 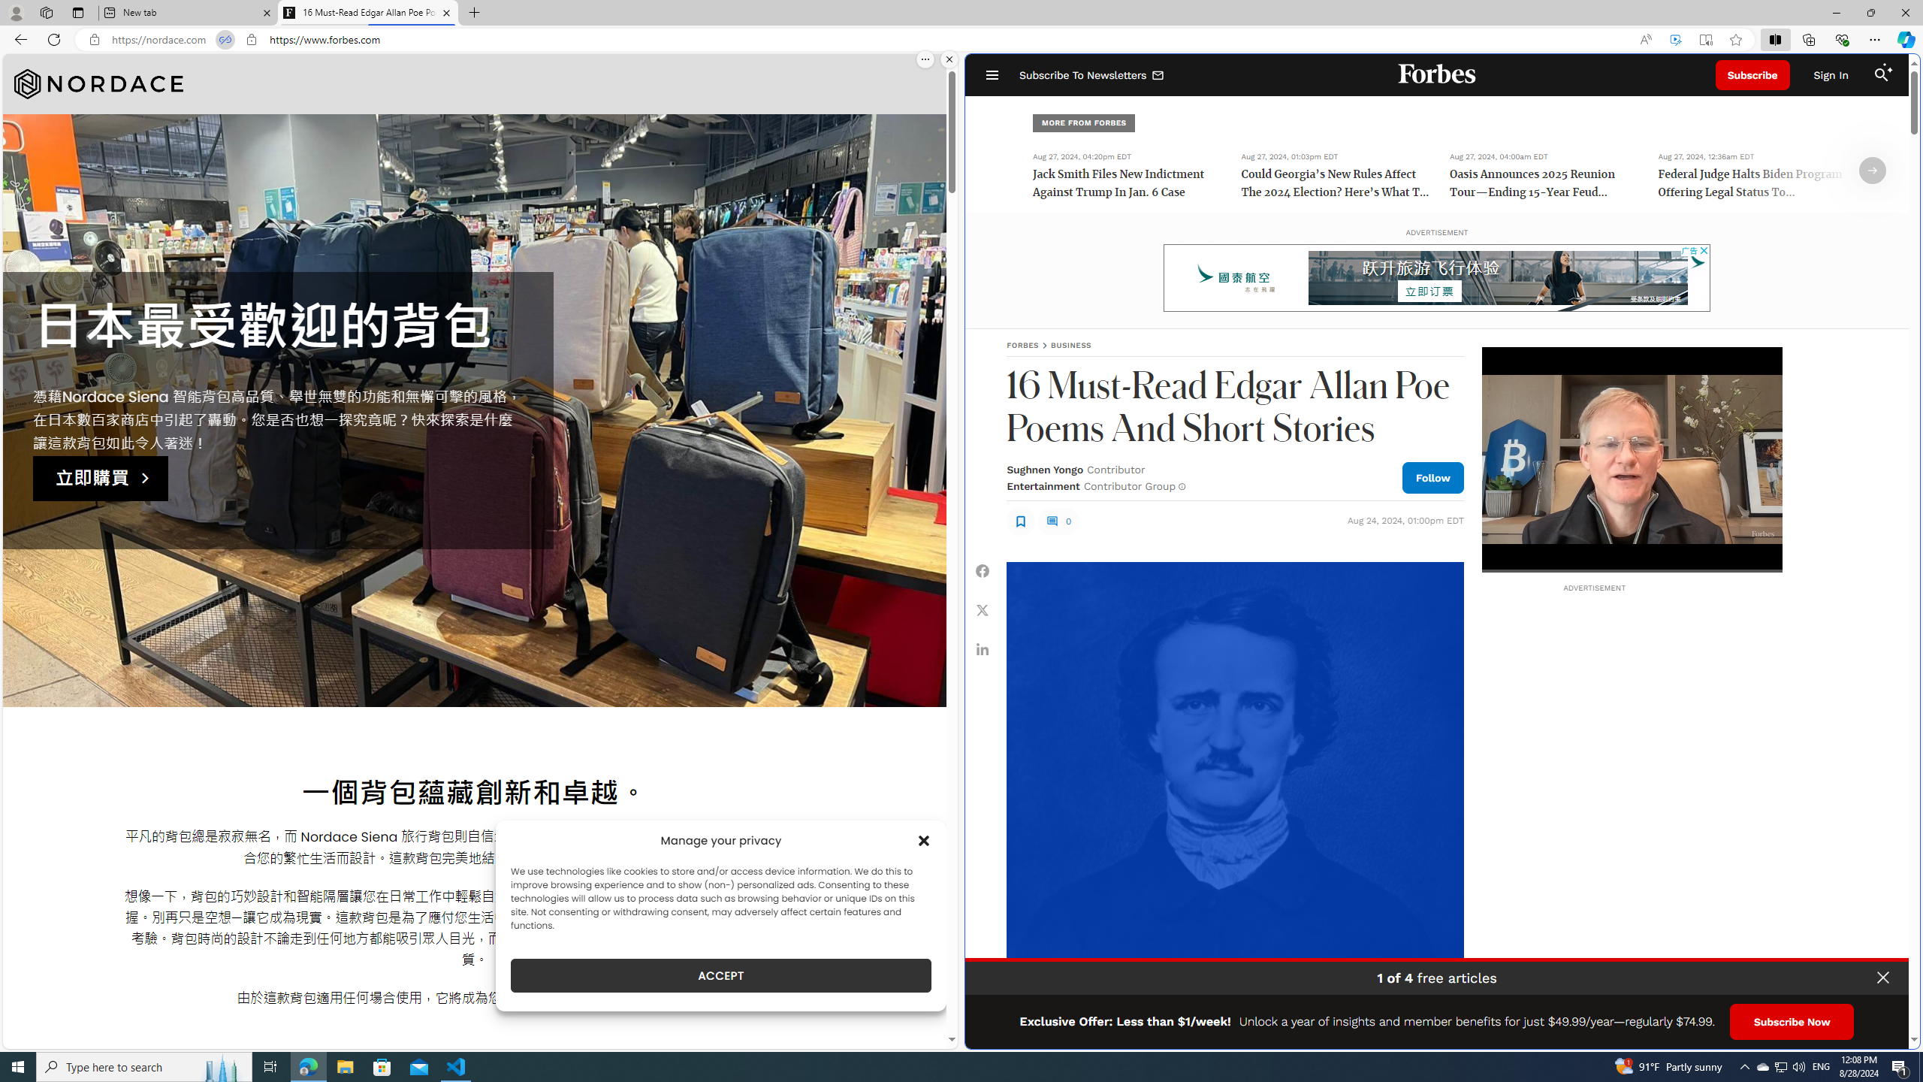 What do you see at coordinates (1044, 469) in the screenshot?
I see `'Sughnen Yongo'` at bounding box center [1044, 469].